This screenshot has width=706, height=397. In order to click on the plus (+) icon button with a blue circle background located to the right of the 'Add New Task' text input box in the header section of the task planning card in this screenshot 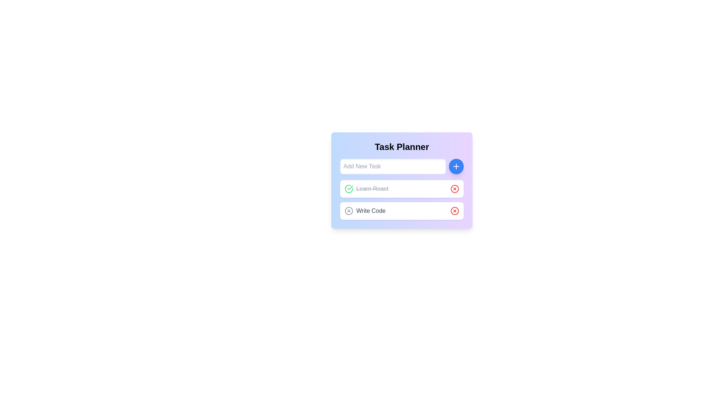, I will do `click(456, 166)`.